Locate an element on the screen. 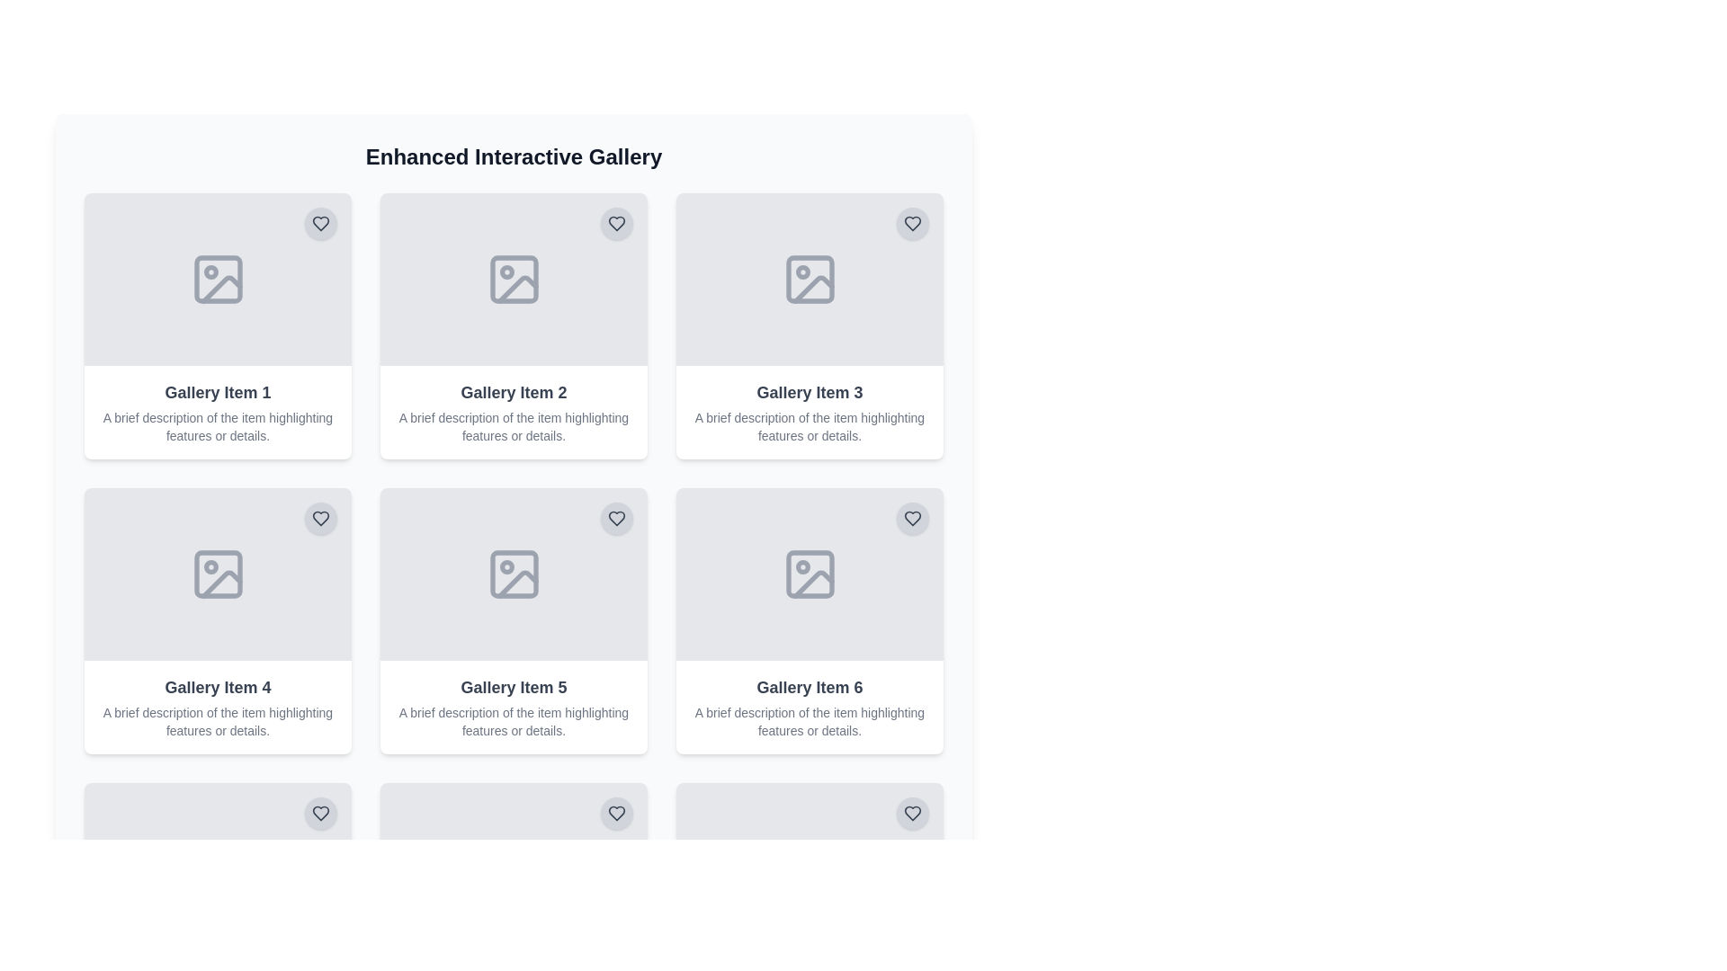  text displayed in the text field labeled 'Gallery Item 3', which is a bold gray text located in the center of the user interface within the third gallery item is located at coordinates (809, 391).